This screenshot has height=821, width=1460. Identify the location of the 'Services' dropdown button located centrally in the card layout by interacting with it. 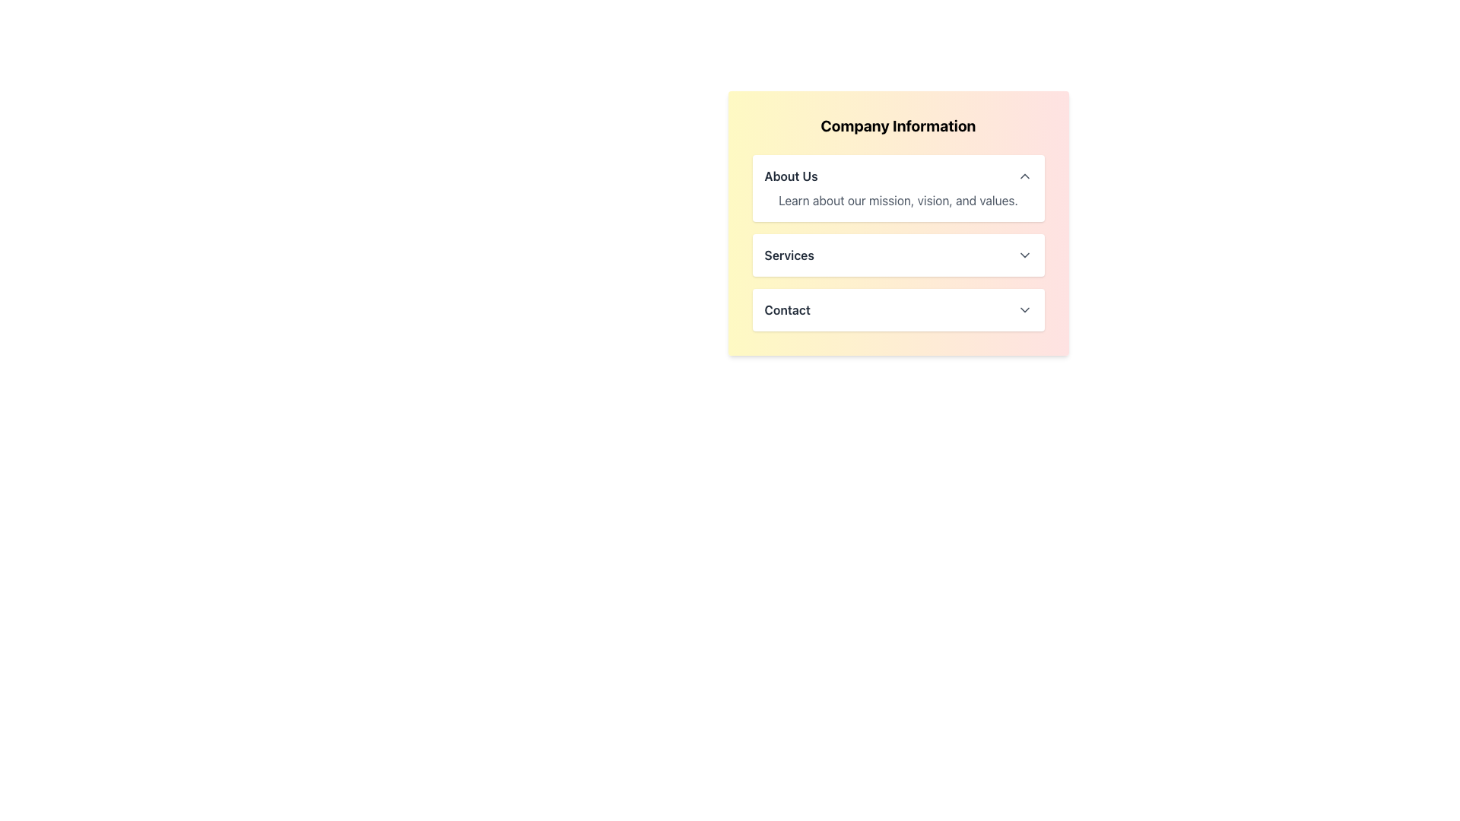
(898, 254).